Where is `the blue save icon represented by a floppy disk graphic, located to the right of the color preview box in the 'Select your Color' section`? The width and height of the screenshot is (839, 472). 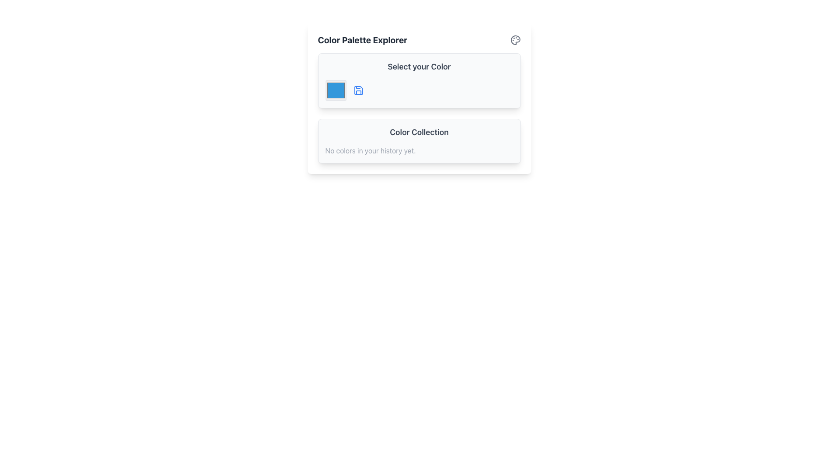
the blue save icon represented by a floppy disk graphic, located to the right of the color preview box in the 'Select your Color' section is located at coordinates (358, 90).